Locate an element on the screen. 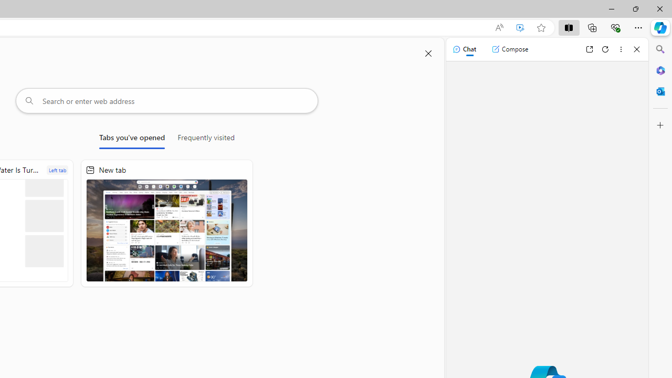 The width and height of the screenshot is (672, 378). 'Search or enter web address' is located at coordinates (166, 100).